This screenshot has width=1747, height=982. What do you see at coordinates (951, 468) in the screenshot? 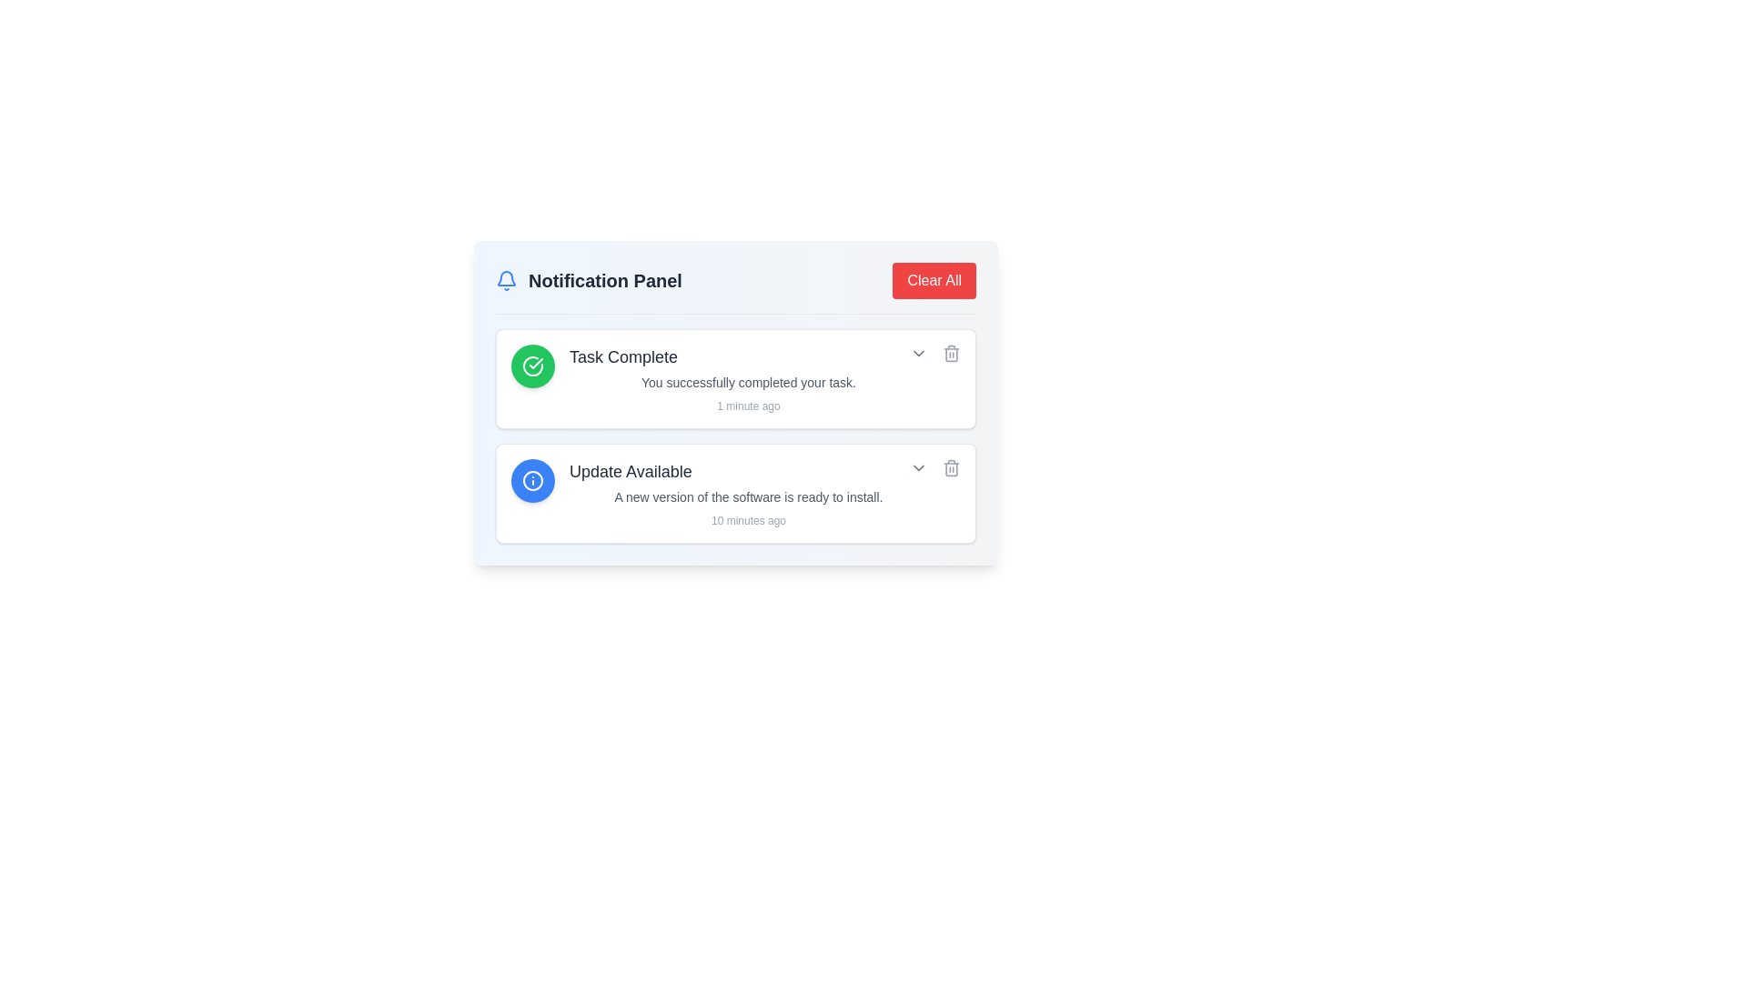
I see `the trash bin icon representing a delete action, which is located on the far-right side of the 'Update Available' notification box` at bounding box center [951, 468].